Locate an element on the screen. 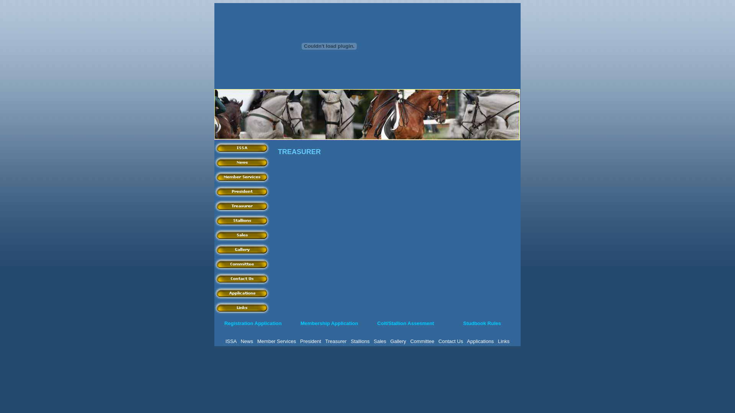 The width and height of the screenshot is (735, 413). 'President' is located at coordinates (242, 191).